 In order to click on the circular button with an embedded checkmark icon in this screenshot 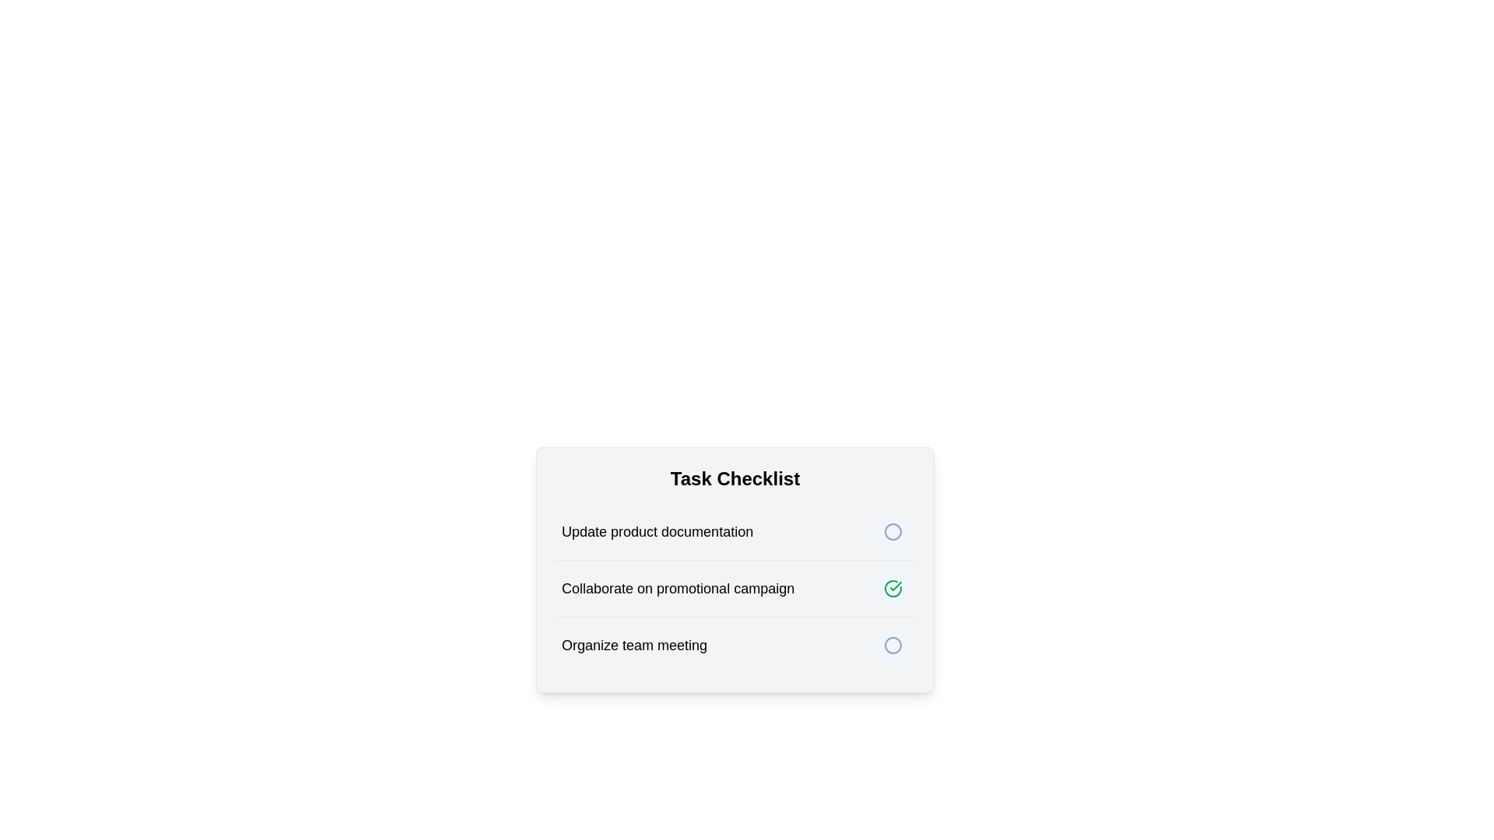, I will do `click(893, 588)`.